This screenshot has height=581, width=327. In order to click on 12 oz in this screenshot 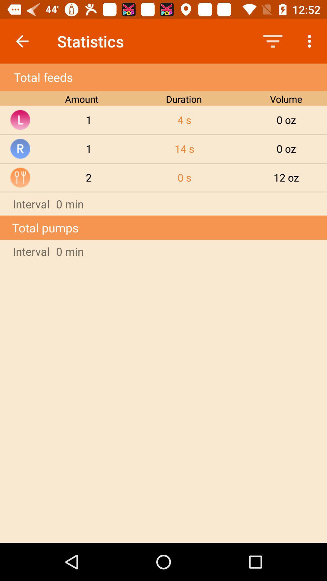, I will do `click(286, 177)`.